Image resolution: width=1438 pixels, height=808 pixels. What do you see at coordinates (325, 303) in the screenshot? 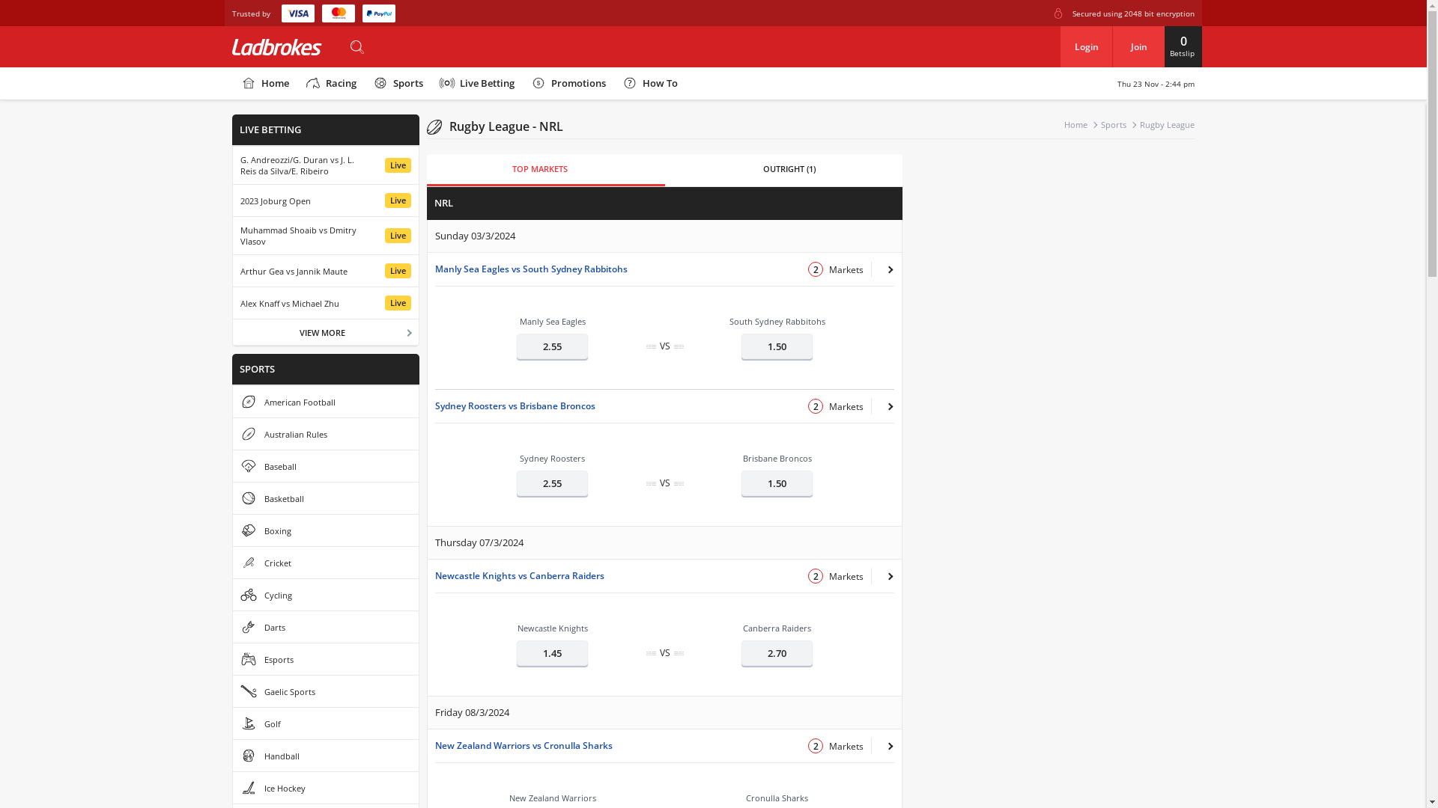
I see `'Alex Knaff vs Michael Zhu` at bounding box center [325, 303].